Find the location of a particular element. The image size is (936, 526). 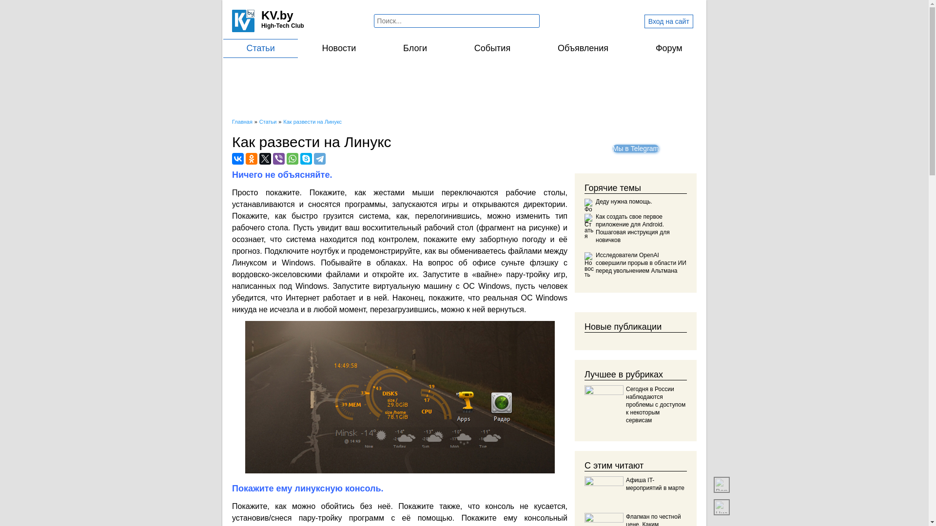

'Viber' is located at coordinates (278, 158).